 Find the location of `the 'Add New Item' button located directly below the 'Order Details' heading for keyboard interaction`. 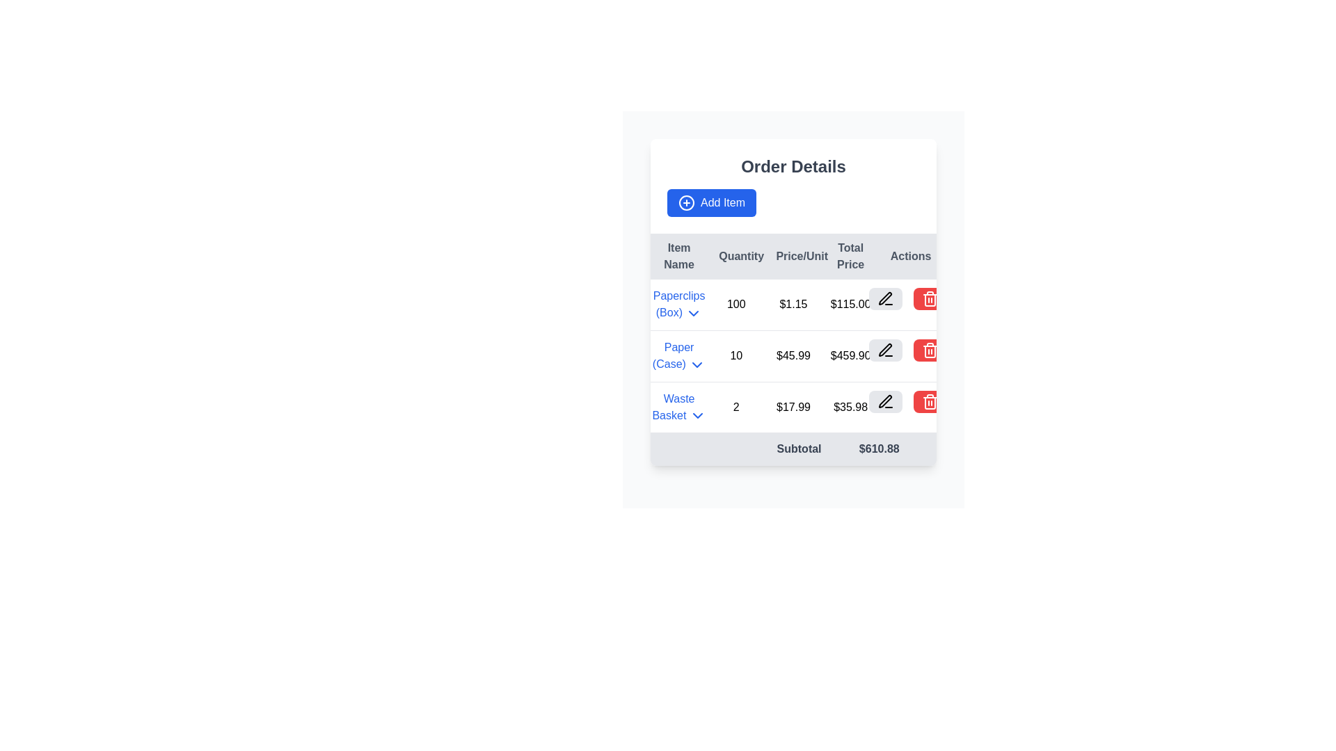

the 'Add New Item' button located directly below the 'Order Details' heading for keyboard interaction is located at coordinates (711, 203).